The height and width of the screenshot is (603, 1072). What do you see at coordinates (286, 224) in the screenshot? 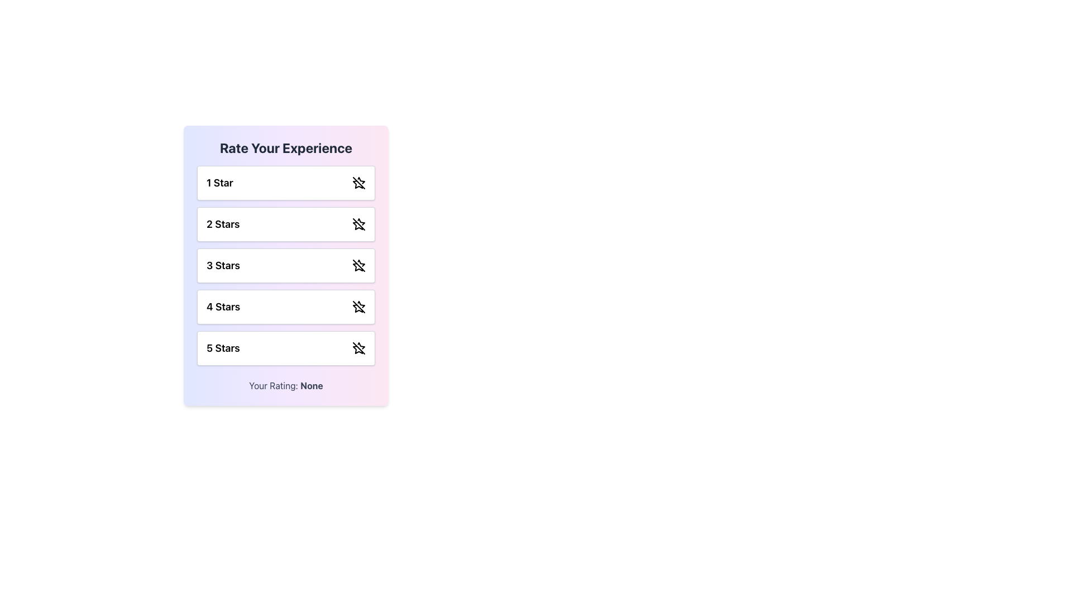
I see `the two stars rating button` at bounding box center [286, 224].